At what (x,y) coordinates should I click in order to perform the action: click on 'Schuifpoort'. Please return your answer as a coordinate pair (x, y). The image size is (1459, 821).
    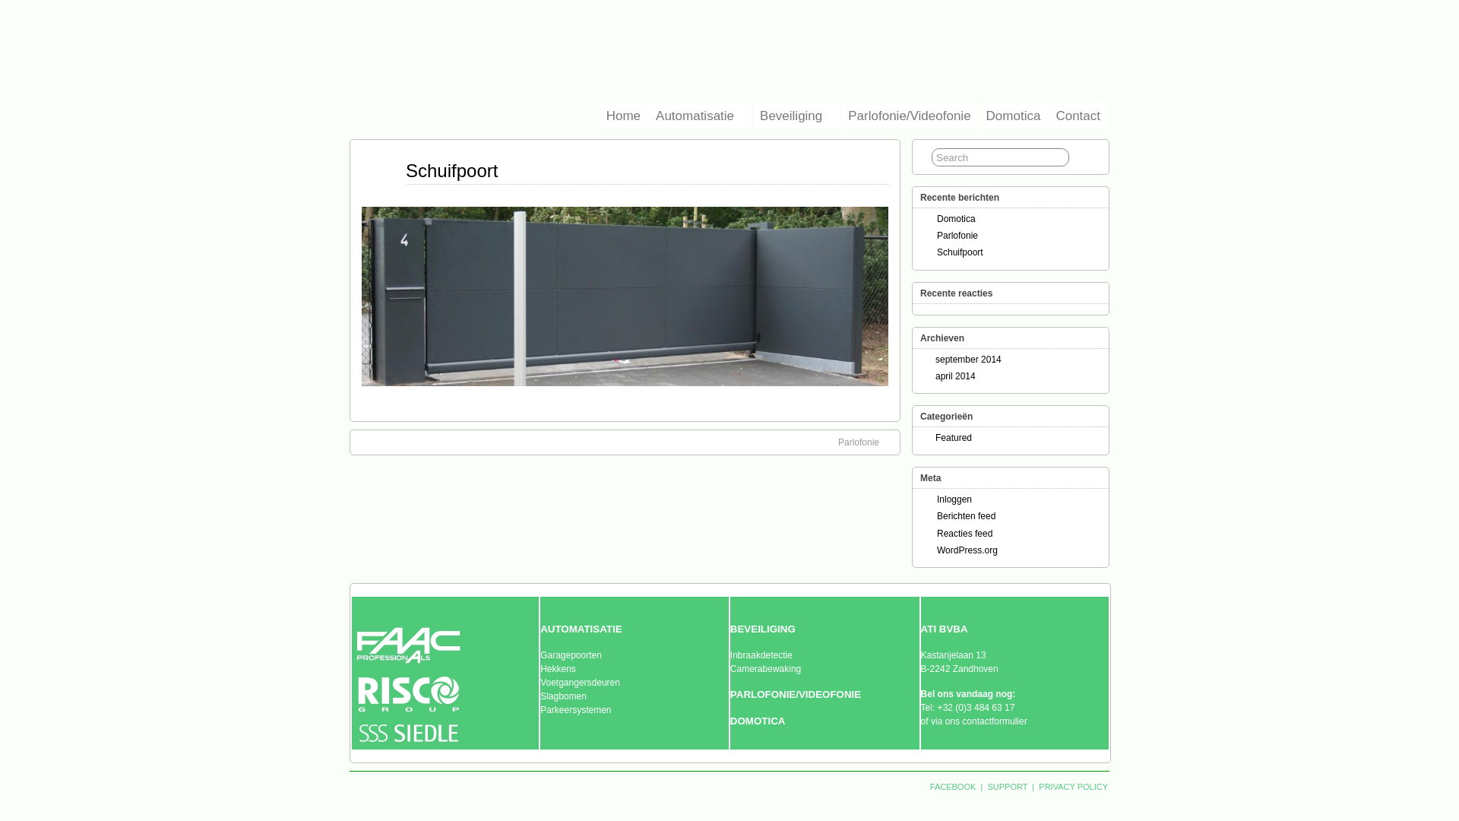
    Looking at the image, I should click on (405, 170).